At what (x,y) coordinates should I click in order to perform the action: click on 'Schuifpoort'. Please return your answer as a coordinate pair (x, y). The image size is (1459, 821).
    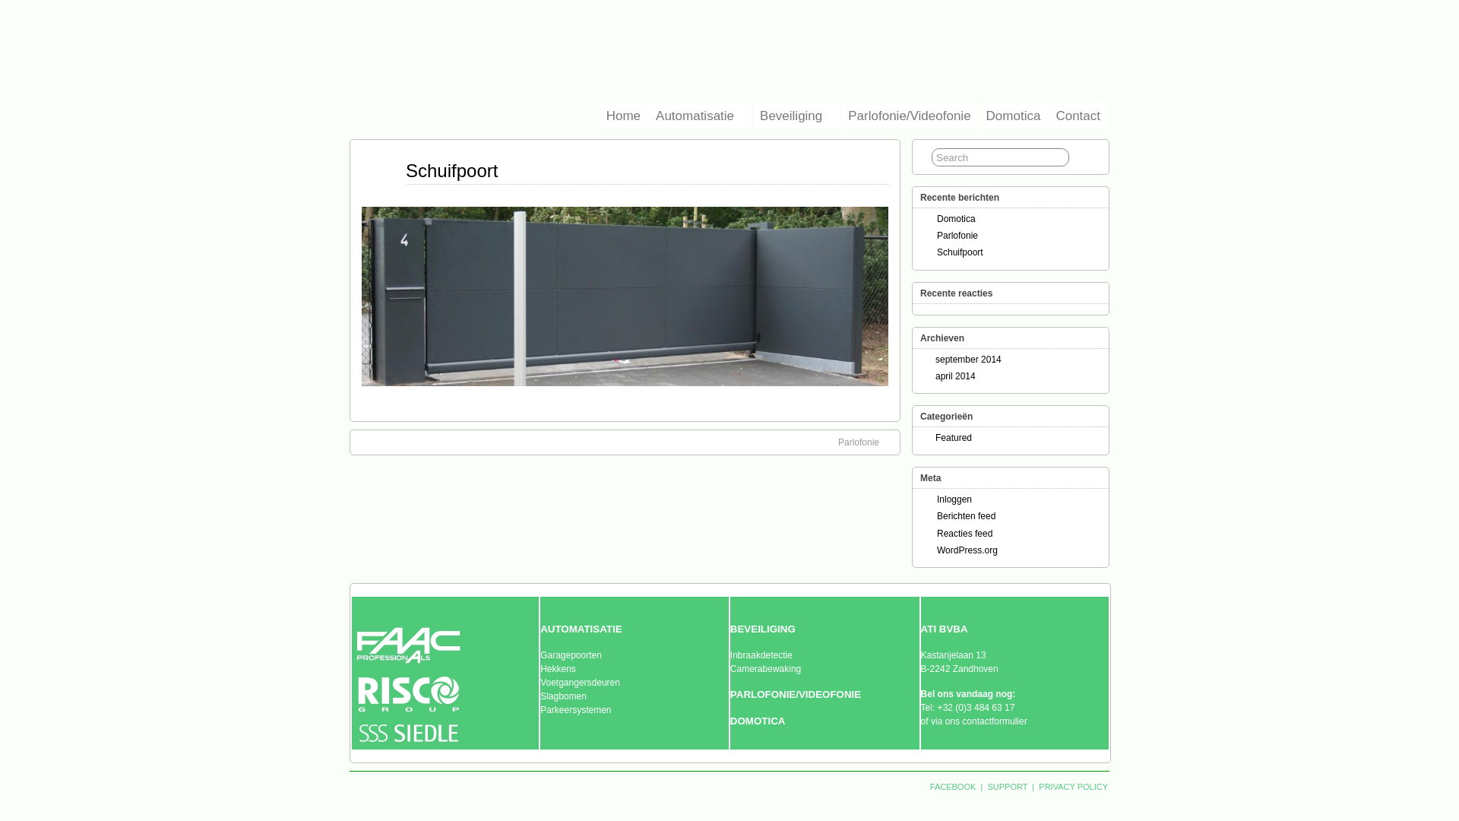
    Looking at the image, I should click on (405, 170).